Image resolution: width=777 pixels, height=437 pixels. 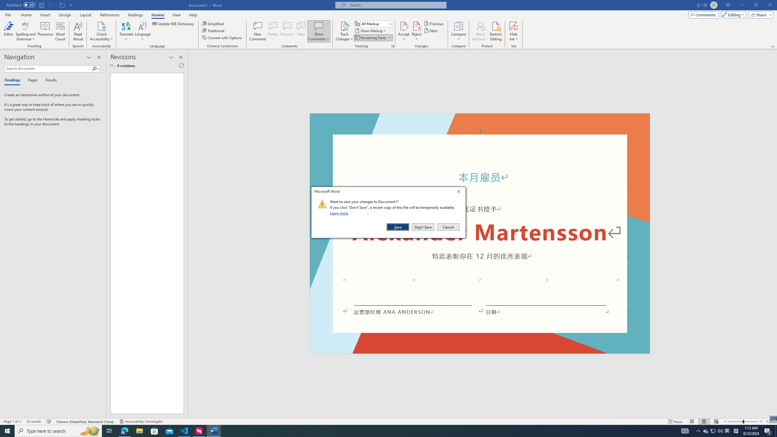 I want to click on 'Hide Ink', so click(x=514, y=25).